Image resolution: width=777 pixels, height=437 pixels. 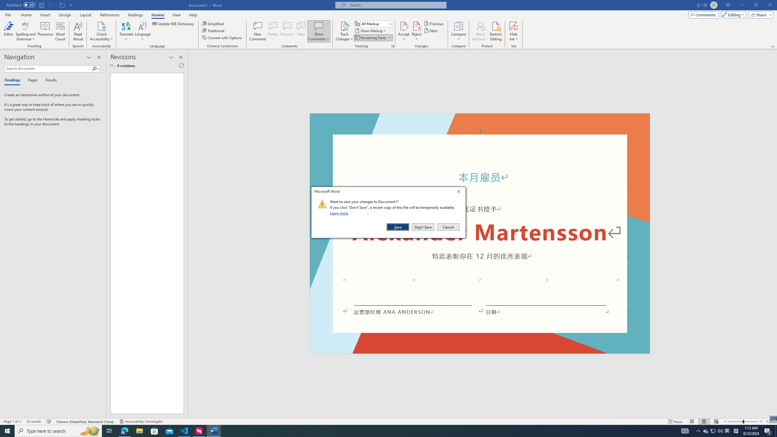 I want to click on 'Hide Ink', so click(x=514, y=25).